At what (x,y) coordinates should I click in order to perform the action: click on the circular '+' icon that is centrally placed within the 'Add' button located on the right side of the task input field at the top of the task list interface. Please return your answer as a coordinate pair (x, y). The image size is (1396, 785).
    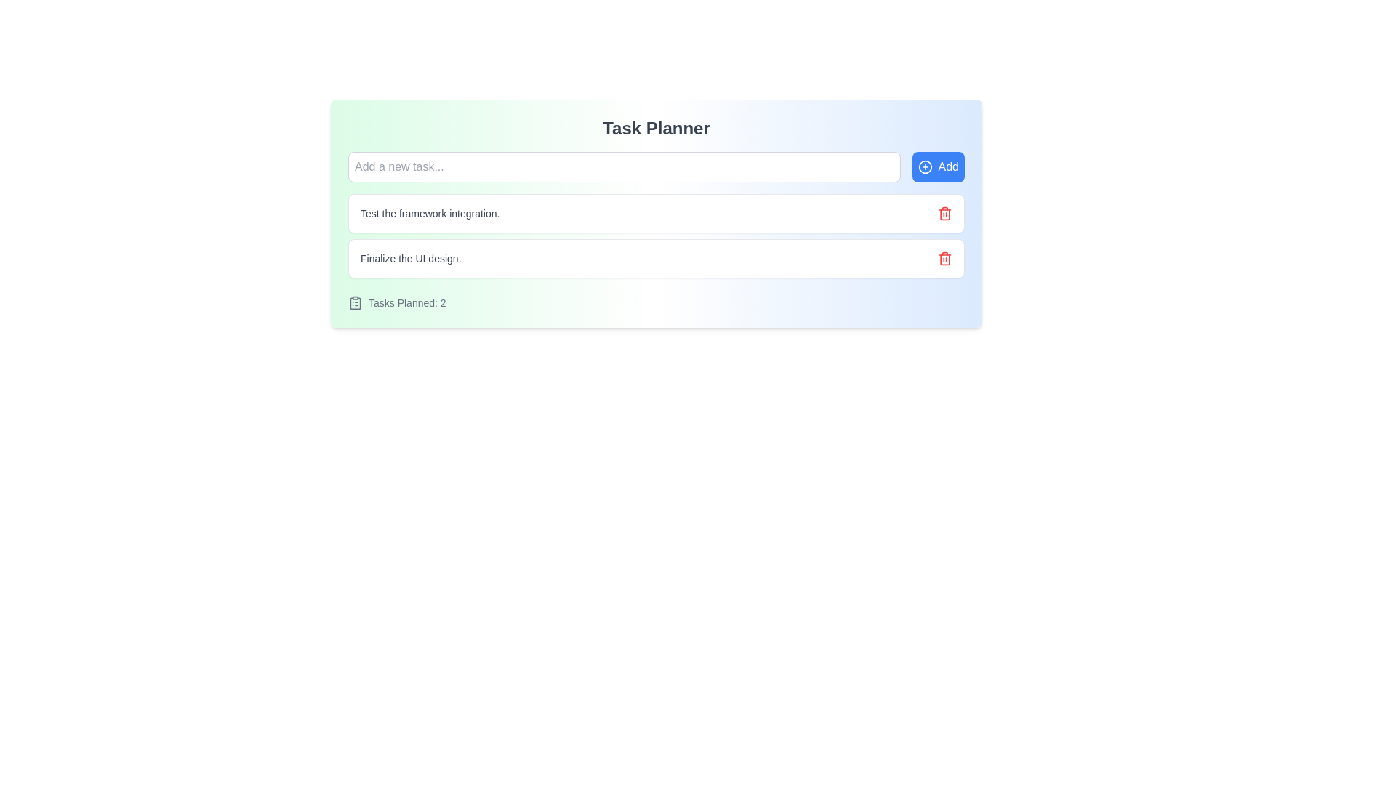
    Looking at the image, I should click on (924, 166).